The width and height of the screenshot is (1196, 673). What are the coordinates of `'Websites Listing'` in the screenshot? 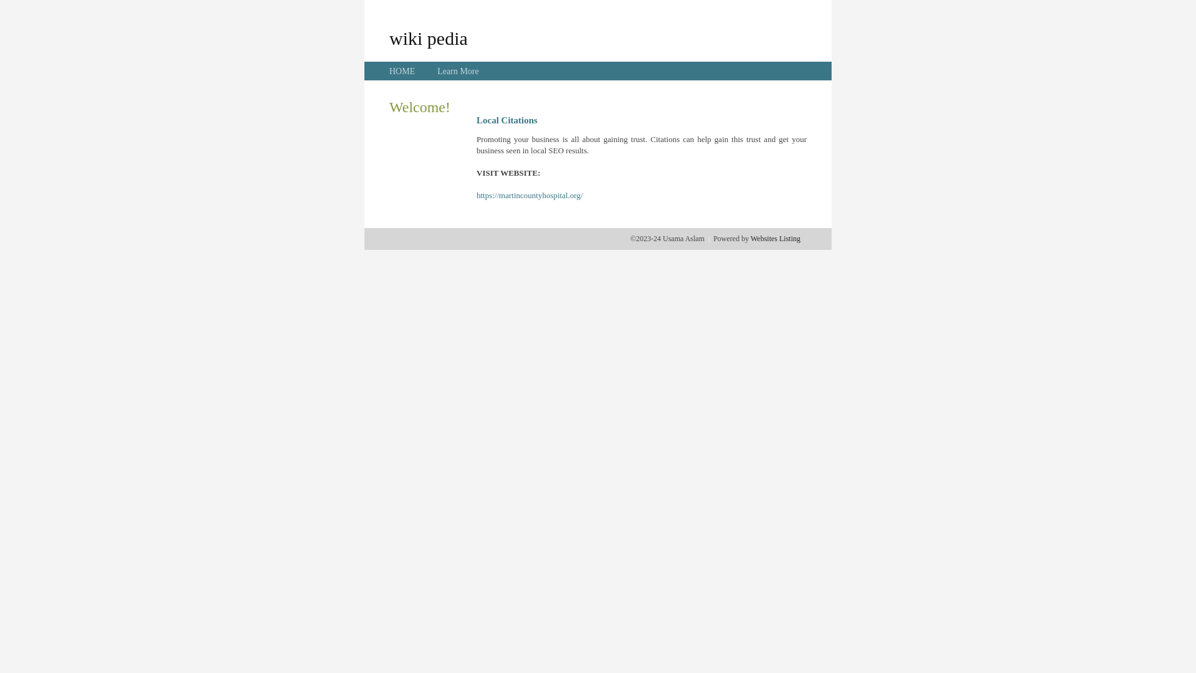 It's located at (774, 238).